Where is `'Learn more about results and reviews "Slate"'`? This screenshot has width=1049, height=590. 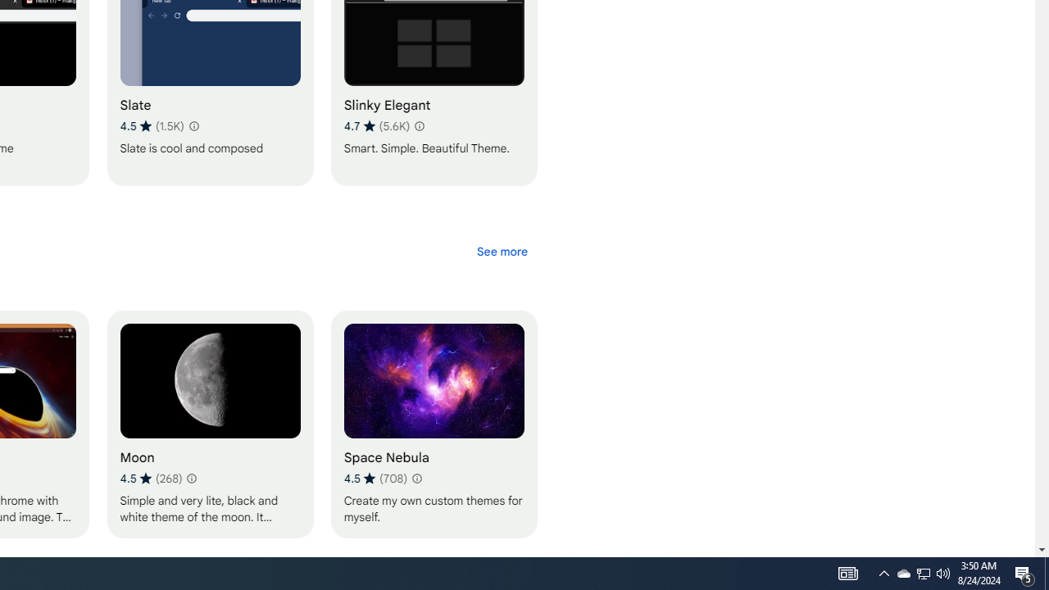 'Learn more about results and reviews "Slate"' is located at coordinates (193, 125).